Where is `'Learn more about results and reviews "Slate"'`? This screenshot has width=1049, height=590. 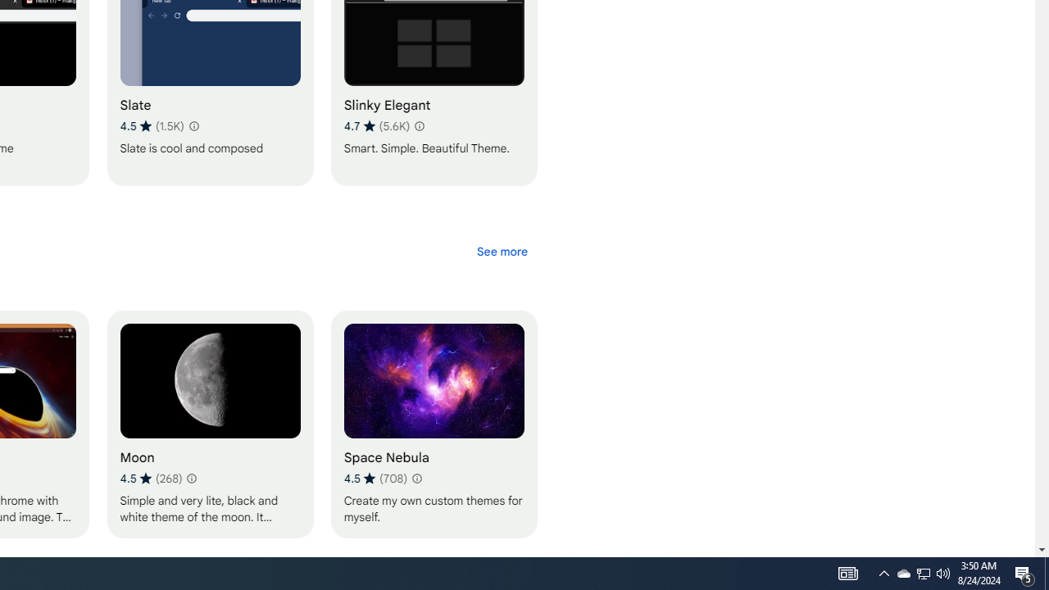 'Learn more about results and reviews "Slate"' is located at coordinates (193, 125).